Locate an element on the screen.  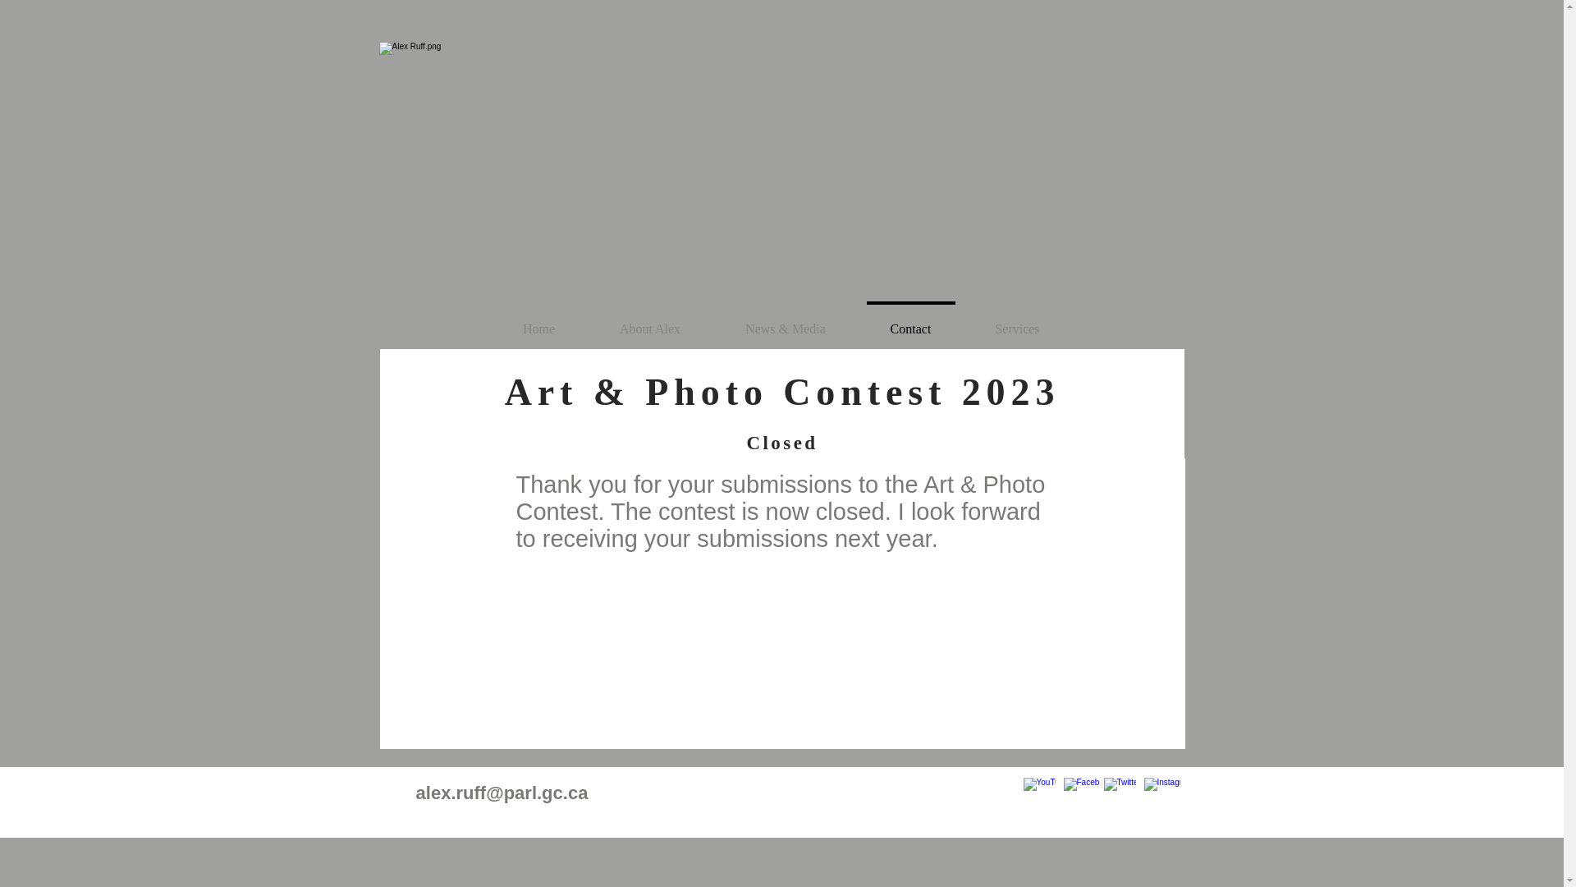
'Home' is located at coordinates (539, 322).